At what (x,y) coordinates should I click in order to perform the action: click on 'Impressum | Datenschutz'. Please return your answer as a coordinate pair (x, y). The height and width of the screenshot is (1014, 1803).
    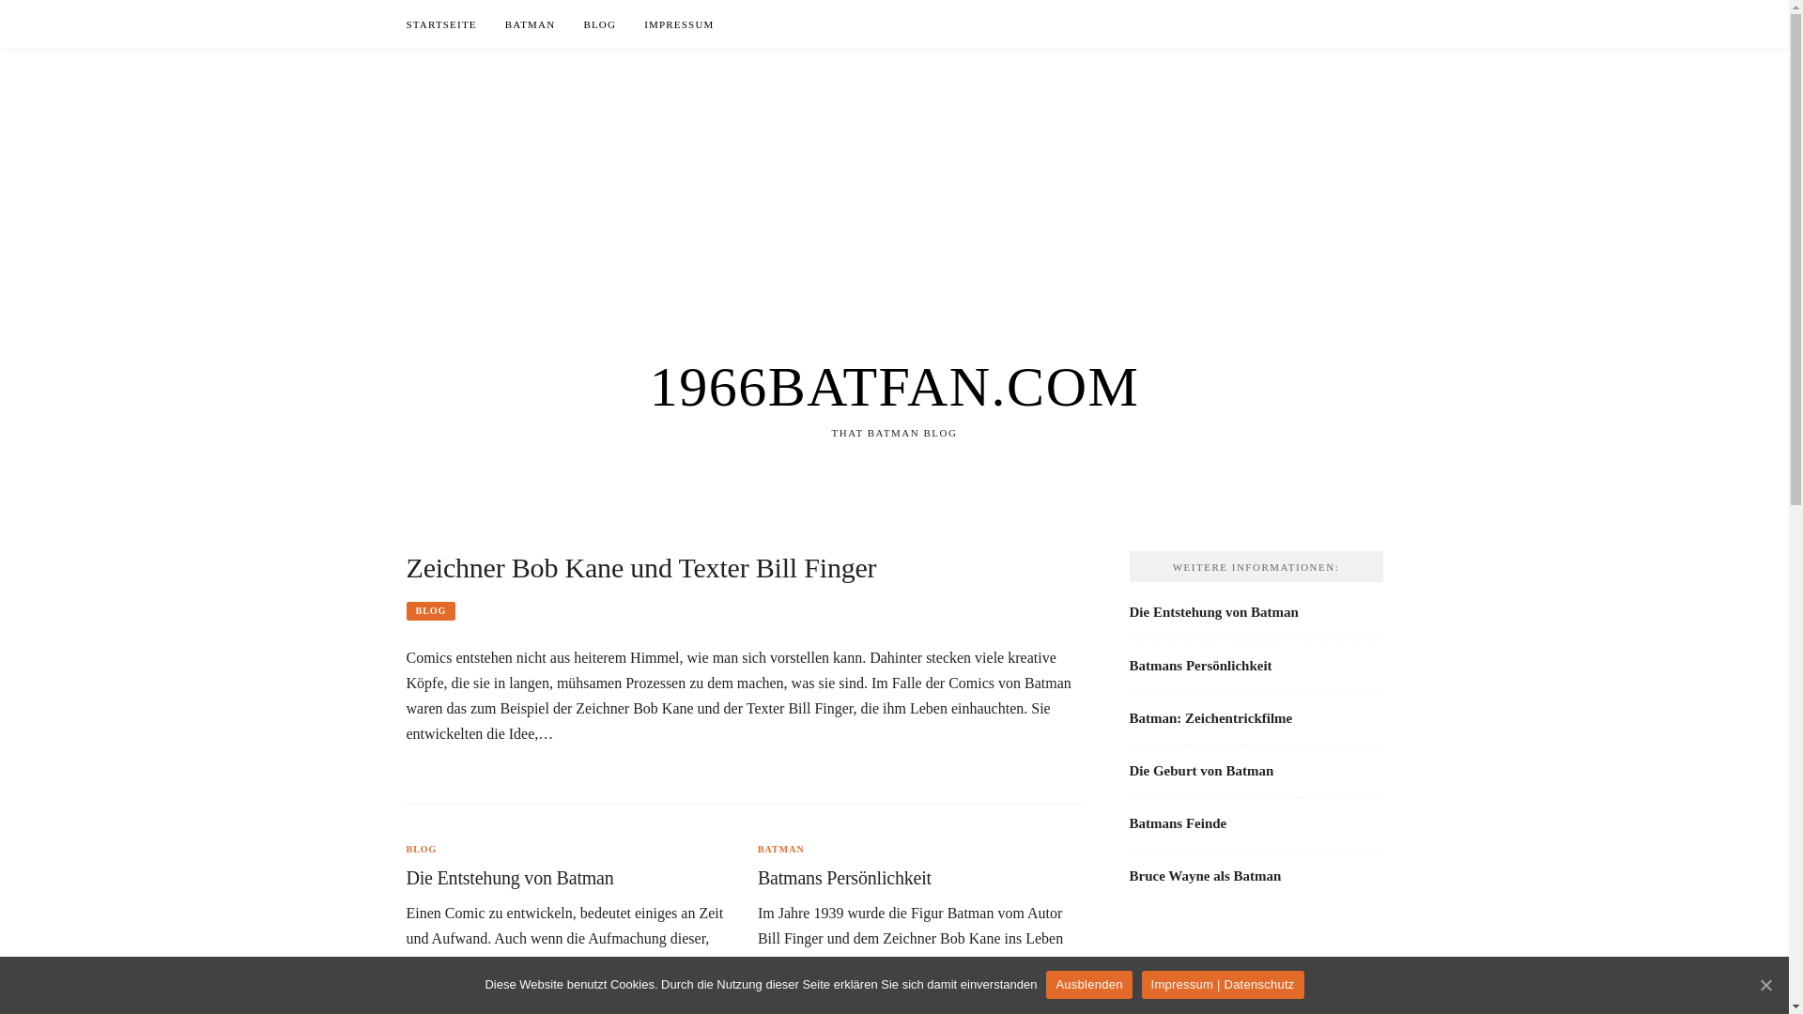
    Looking at the image, I should click on (1223, 984).